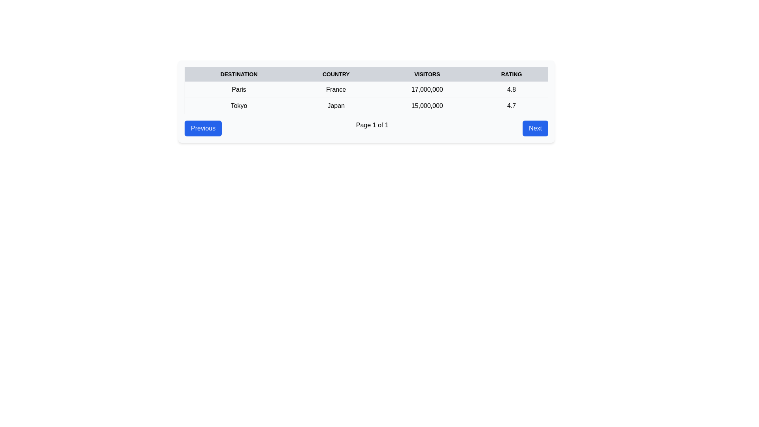 Image resolution: width=759 pixels, height=427 pixels. What do you see at coordinates (238, 74) in the screenshot?
I see `the first column header in the table that indicates destinations` at bounding box center [238, 74].